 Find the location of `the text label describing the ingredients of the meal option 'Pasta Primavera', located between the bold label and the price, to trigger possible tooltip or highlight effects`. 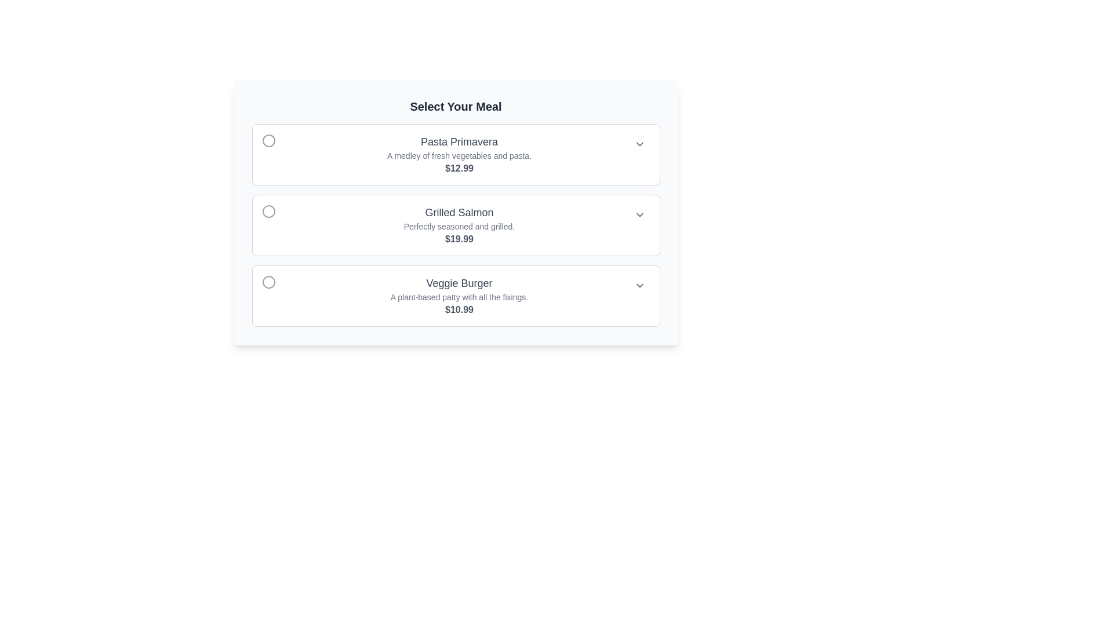

the text label describing the ingredients of the meal option 'Pasta Primavera', located between the bold label and the price, to trigger possible tooltip or highlight effects is located at coordinates (459, 155).